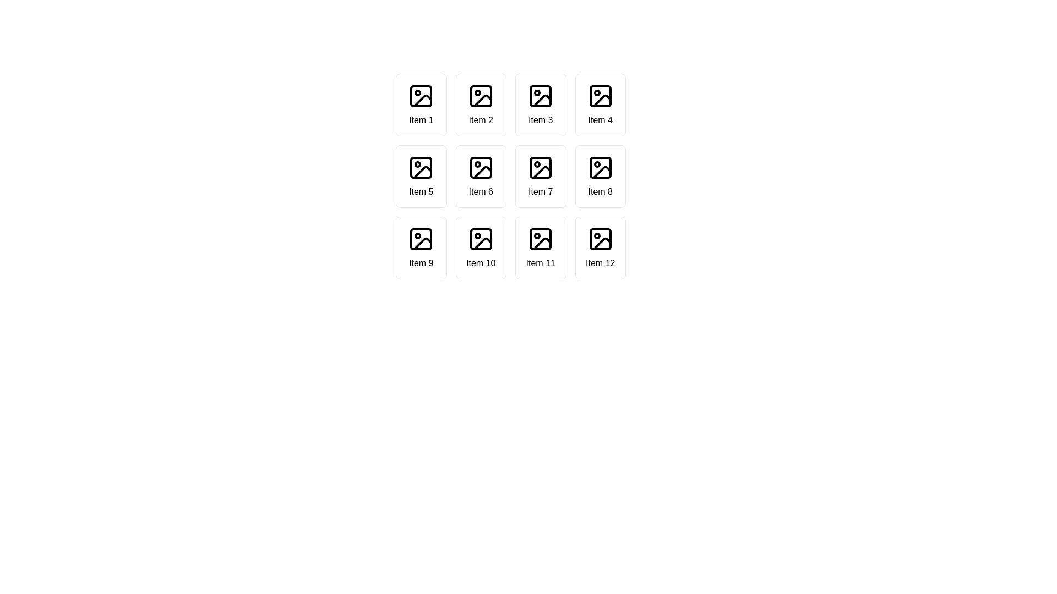  What do you see at coordinates (421, 191) in the screenshot?
I see `text label displaying 'Item 5', which is centered below an image icon in the second row, first column of a grid layout` at bounding box center [421, 191].